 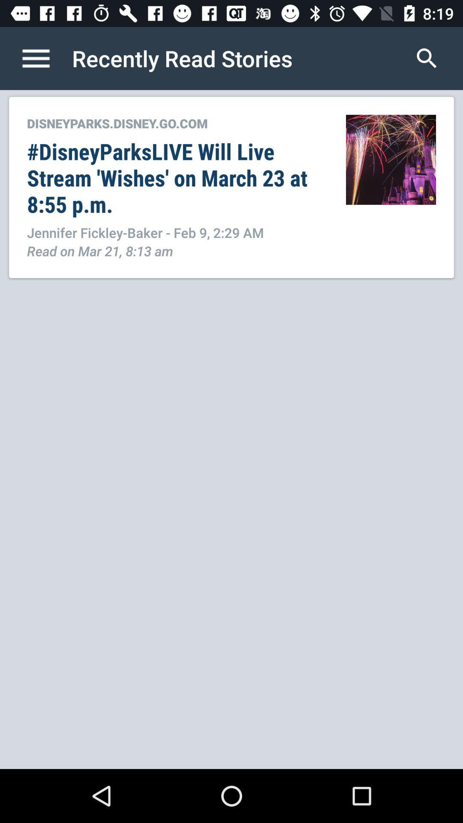 What do you see at coordinates (427, 58) in the screenshot?
I see `the item to the right of recently read stories item` at bounding box center [427, 58].